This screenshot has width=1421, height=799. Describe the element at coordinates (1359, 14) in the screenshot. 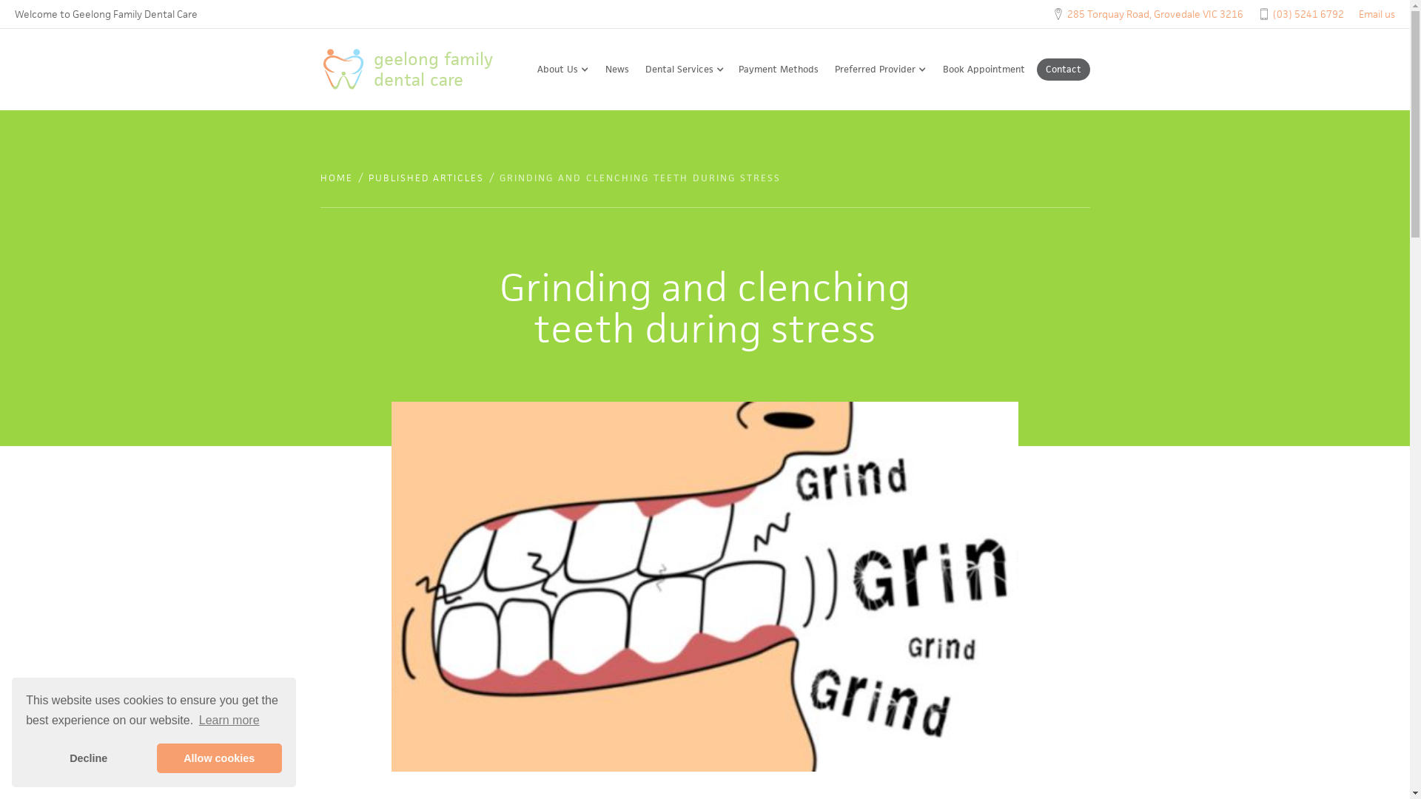

I see `'Email us'` at that location.